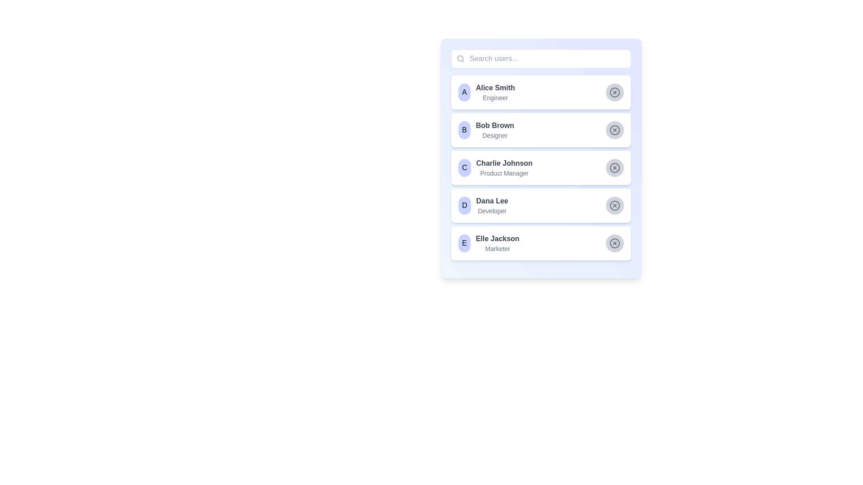 The width and height of the screenshot is (863, 485). I want to click on the third list item representing 'Charlie Johnson', who is a 'Product Manager', so click(541, 158).